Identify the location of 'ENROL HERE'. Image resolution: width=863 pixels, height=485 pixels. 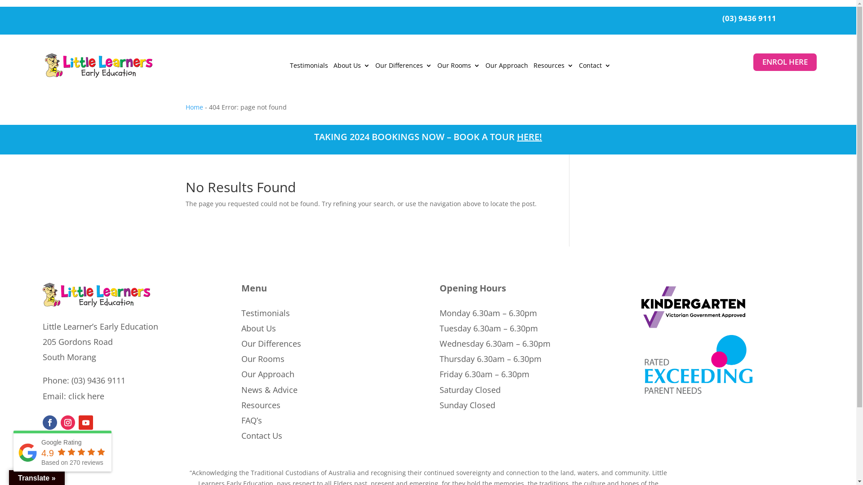
(784, 62).